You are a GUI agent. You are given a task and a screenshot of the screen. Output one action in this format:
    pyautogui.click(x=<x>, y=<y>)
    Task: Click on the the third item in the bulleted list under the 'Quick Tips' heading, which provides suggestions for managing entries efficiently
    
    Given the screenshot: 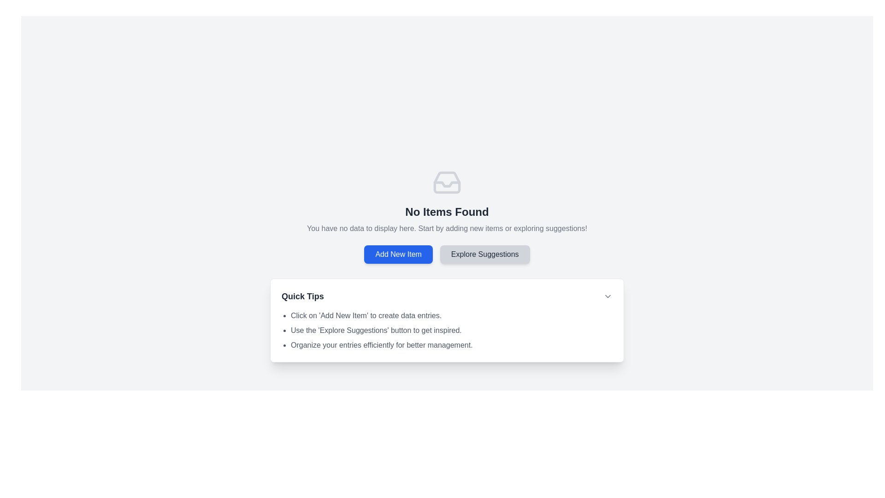 What is the action you would take?
    pyautogui.click(x=451, y=345)
    